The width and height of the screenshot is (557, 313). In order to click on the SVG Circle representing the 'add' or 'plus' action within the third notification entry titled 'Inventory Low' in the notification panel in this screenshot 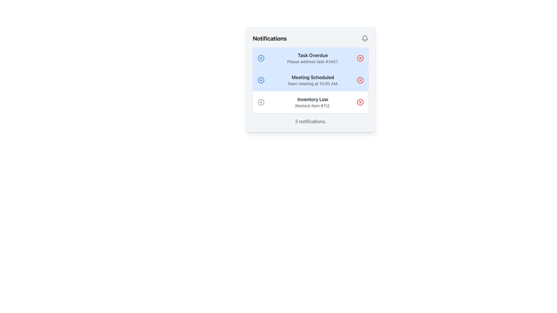, I will do `click(261, 102)`.